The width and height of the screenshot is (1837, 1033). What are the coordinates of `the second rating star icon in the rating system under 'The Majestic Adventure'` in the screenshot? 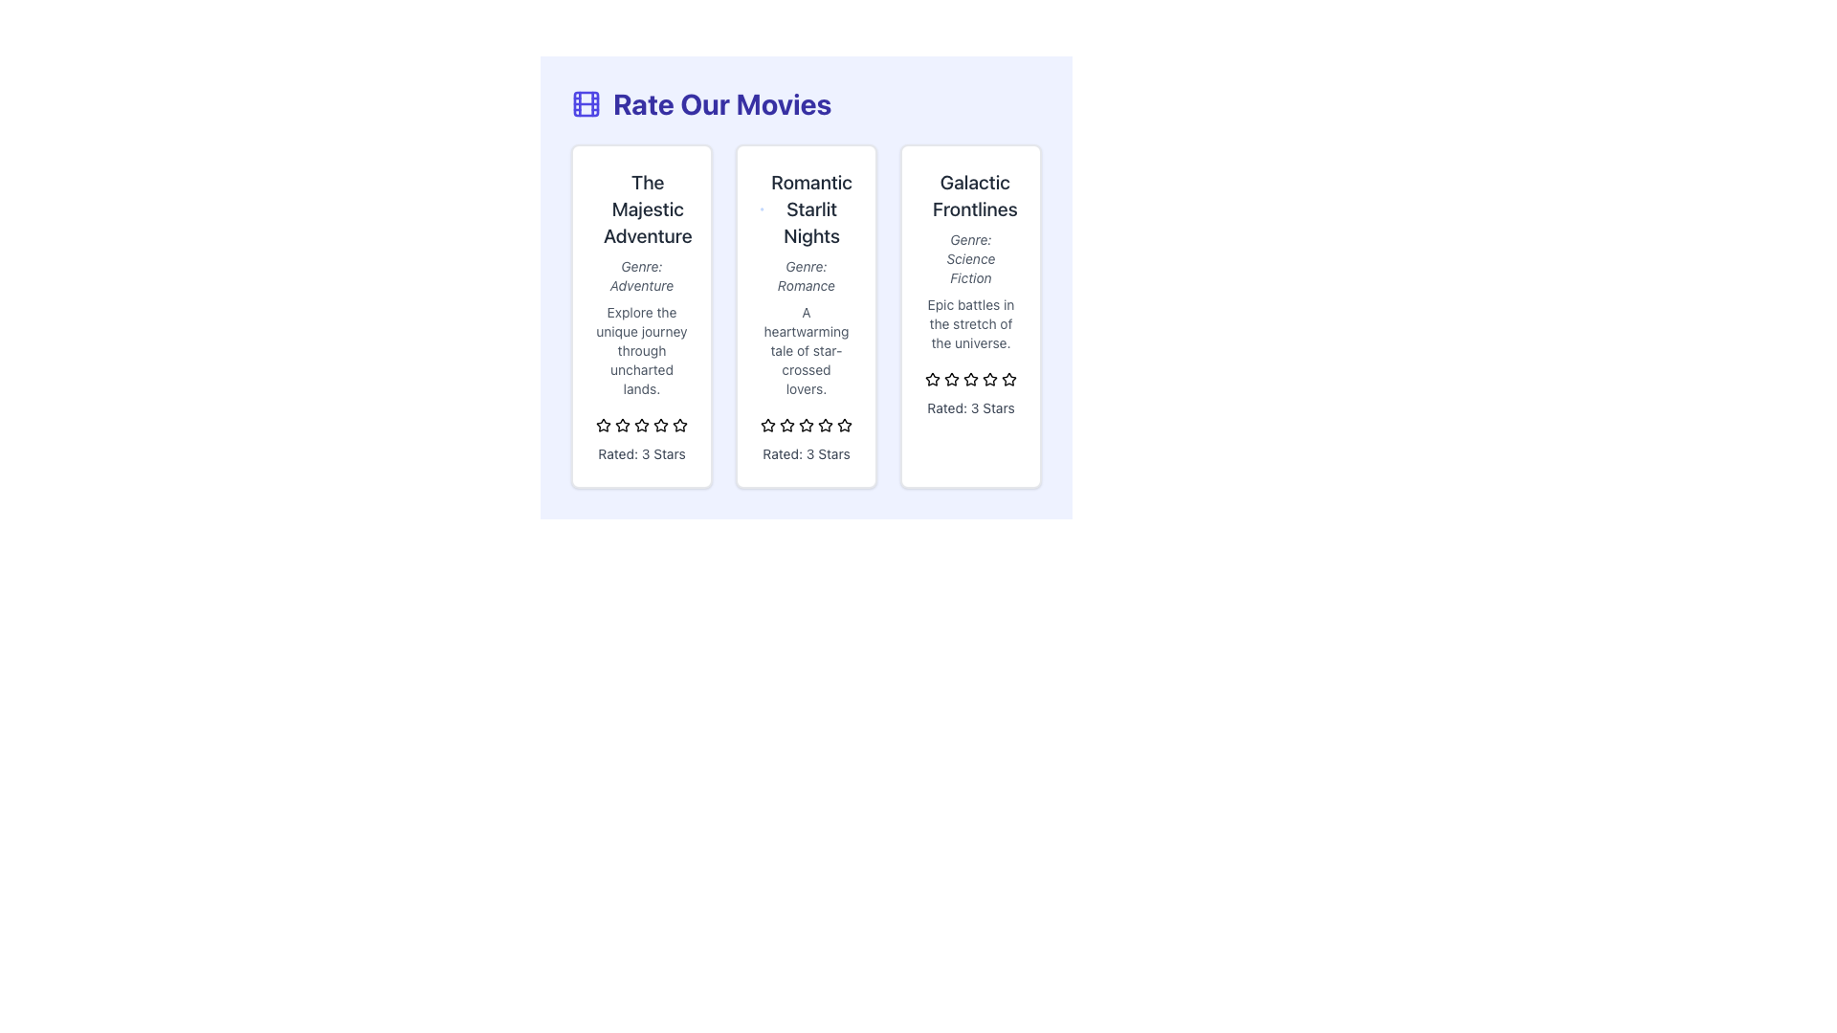 It's located at (642, 424).